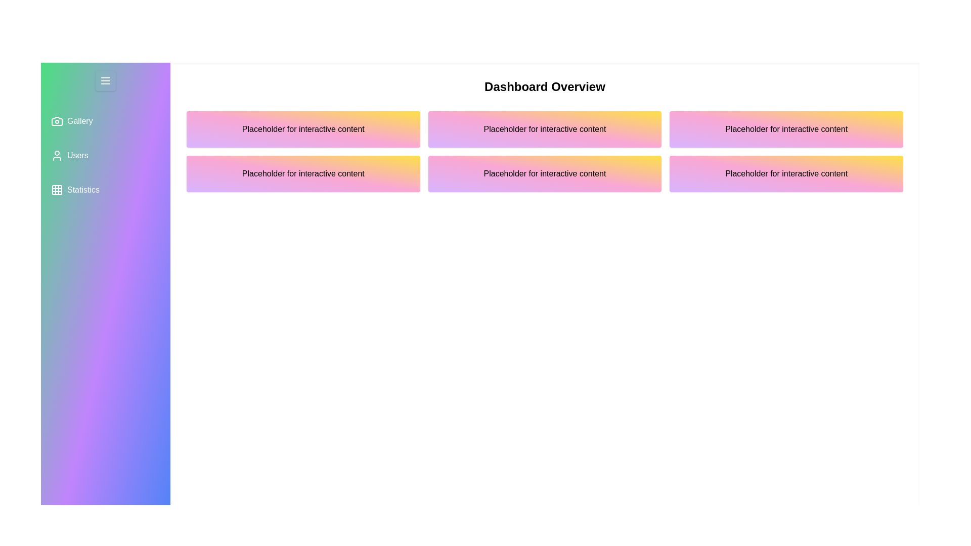 This screenshot has width=971, height=546. Describe the element at coordinates (106, 80) in the screenshot. I see `the menu button to toggle the drawer` at that location.